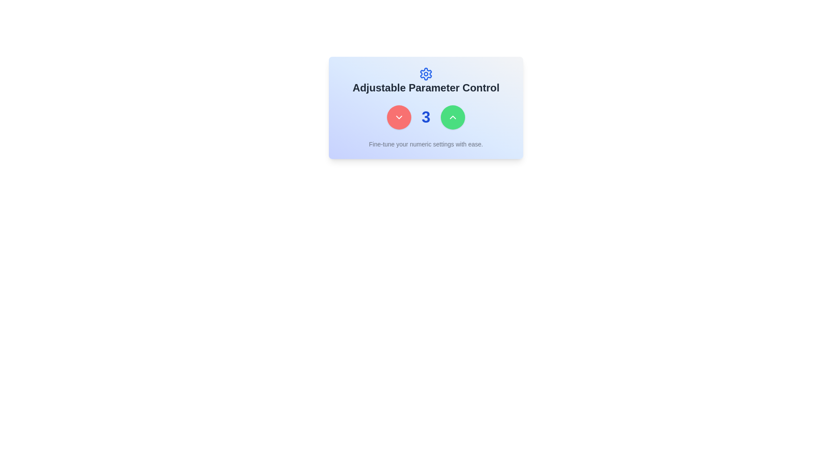 This screenshot has width=833, height=468. What do you see at coordinates (426, 117) in the screenshot?
I see `the static text display that shows the current value or setting, positioned centrally between a red button with a downward chevron and a green button with an upward chevron` at bounding box center [426, 117].